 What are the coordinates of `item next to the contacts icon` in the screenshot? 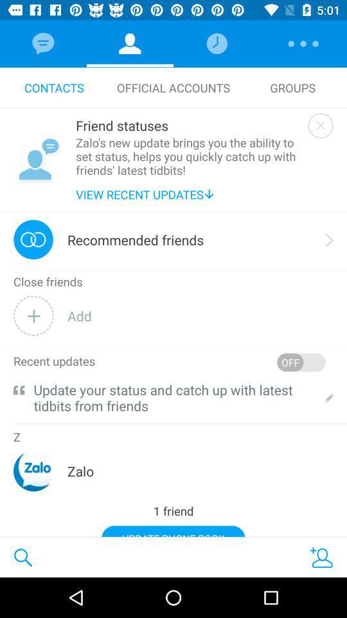 It's located at (173, 87).